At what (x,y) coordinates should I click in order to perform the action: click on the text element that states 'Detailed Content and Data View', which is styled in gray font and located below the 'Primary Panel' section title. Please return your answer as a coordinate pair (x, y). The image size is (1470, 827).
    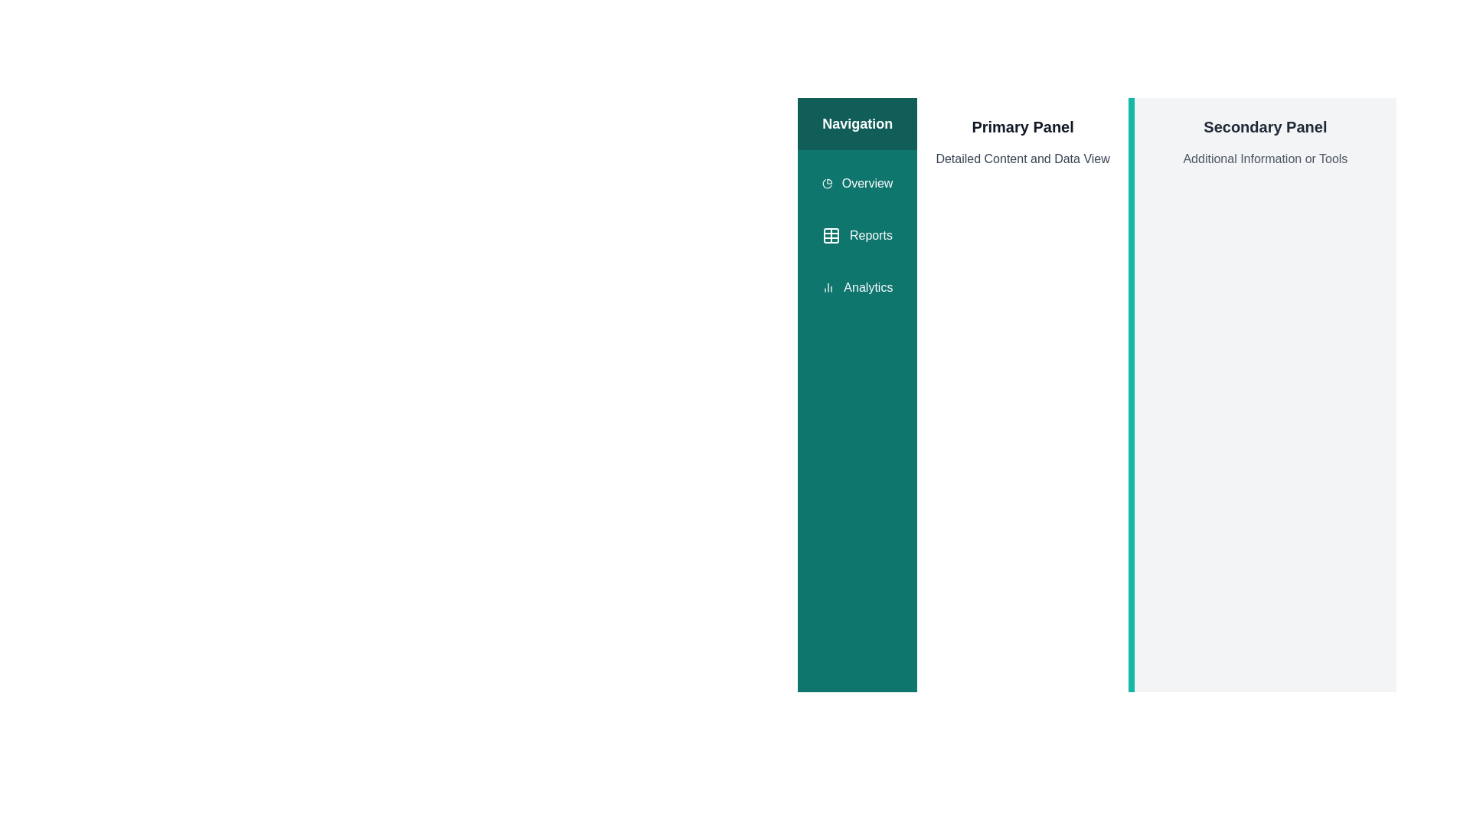
    Looking at the image, I should click on (1023, 159).